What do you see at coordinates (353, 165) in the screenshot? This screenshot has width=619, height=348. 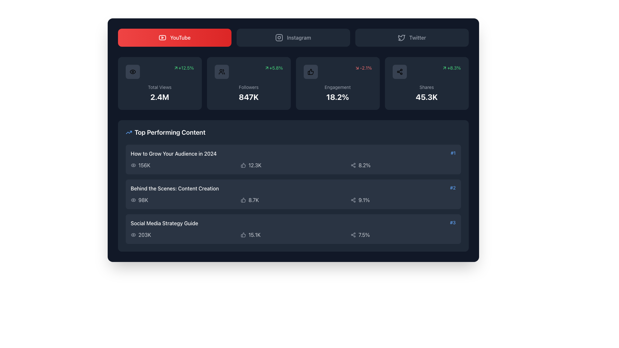 I see `the share icon located in the 'Top Performing Content' row, specifically in the second column next to the '8.2%' percentage` at bounding box center [353, 165].